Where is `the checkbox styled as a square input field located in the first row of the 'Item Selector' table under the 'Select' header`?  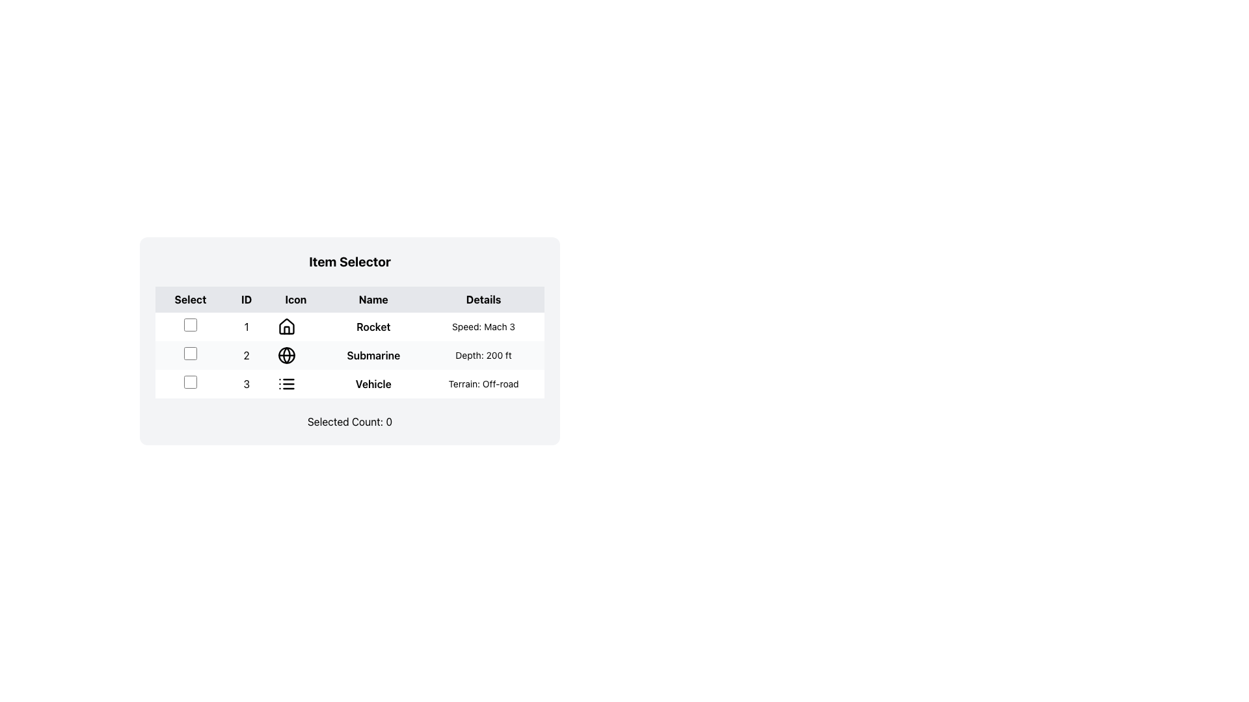 the checkbox styled as a square input field located in the first row of the 'Item Selector' table under the 'Select' header is located at coordinates (189, 324).